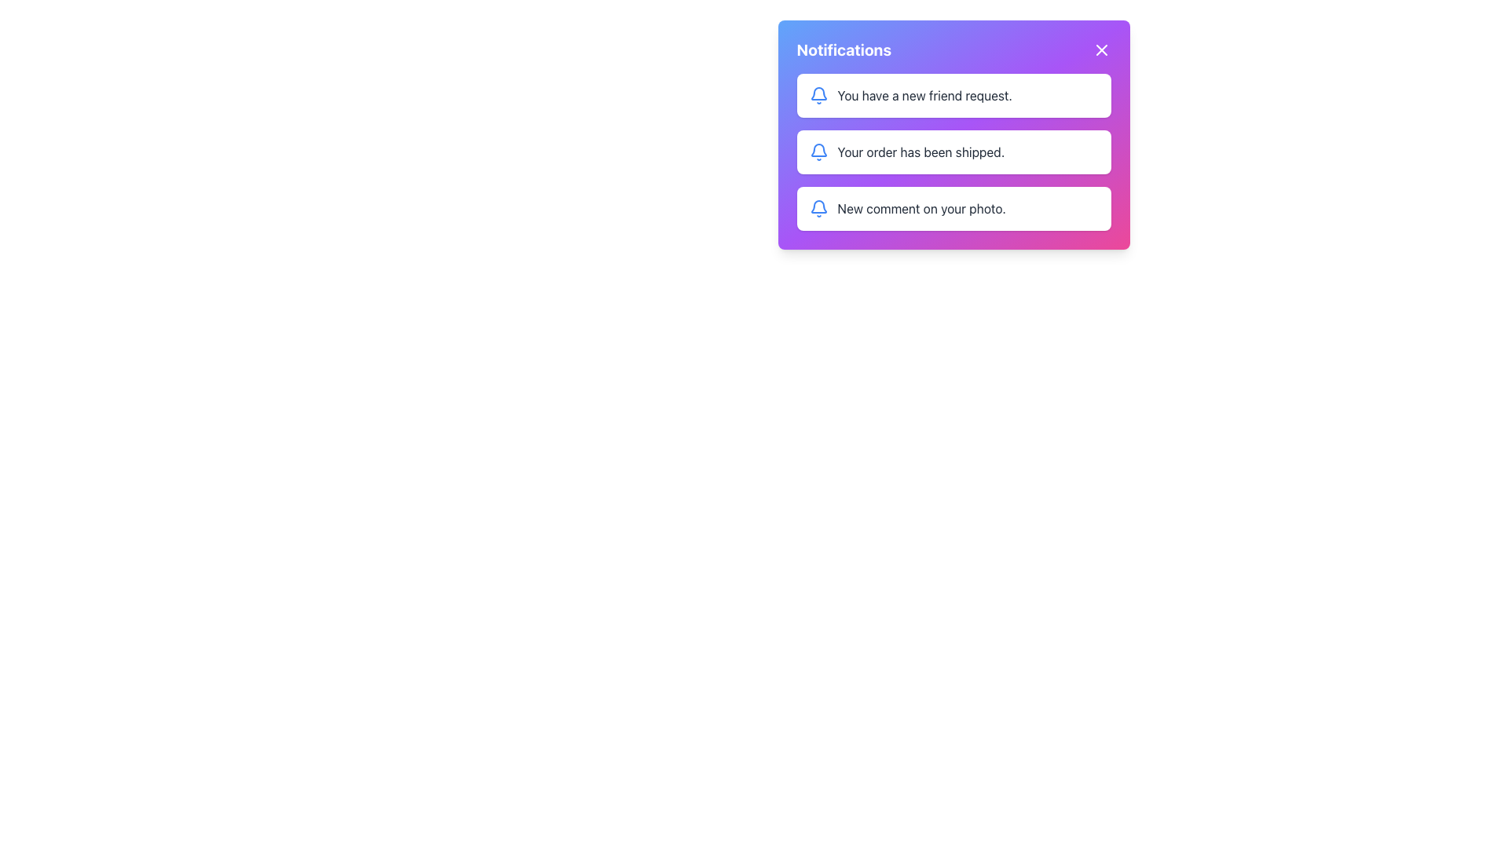  Describe the element at coordinates (953, 152) in the screenshot. I see `the notification card indicating that the user's order has been shipped, which is the second notification in the list within the 'Notifications' card` at that location.